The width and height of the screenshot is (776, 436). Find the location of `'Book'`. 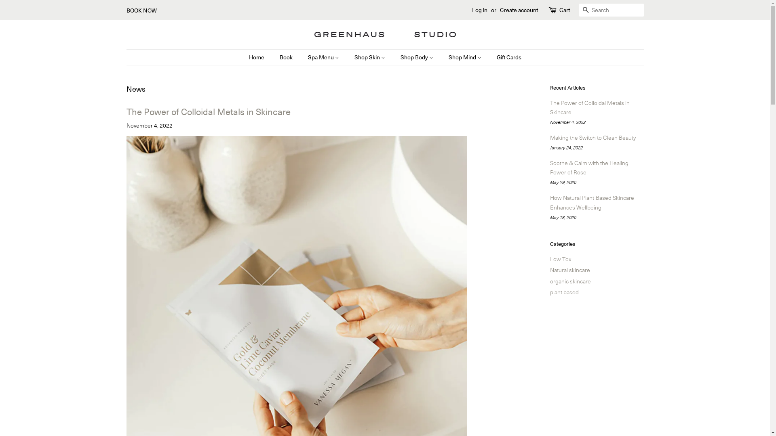

'Book' is located at coordinates (273, 57).